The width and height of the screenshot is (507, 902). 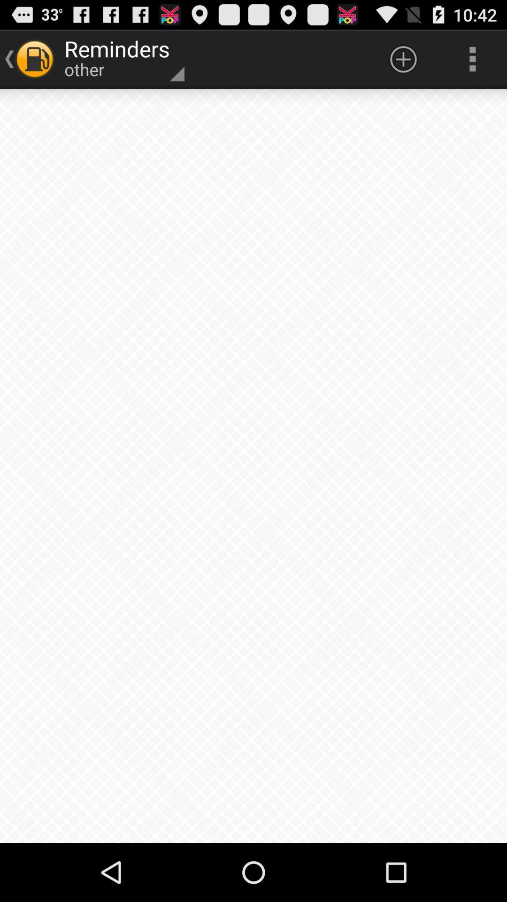 What do you see at coordinates (403, 58) in the screenshot?
I see `the app to the right of reminders` at bounding box center [403, 58].